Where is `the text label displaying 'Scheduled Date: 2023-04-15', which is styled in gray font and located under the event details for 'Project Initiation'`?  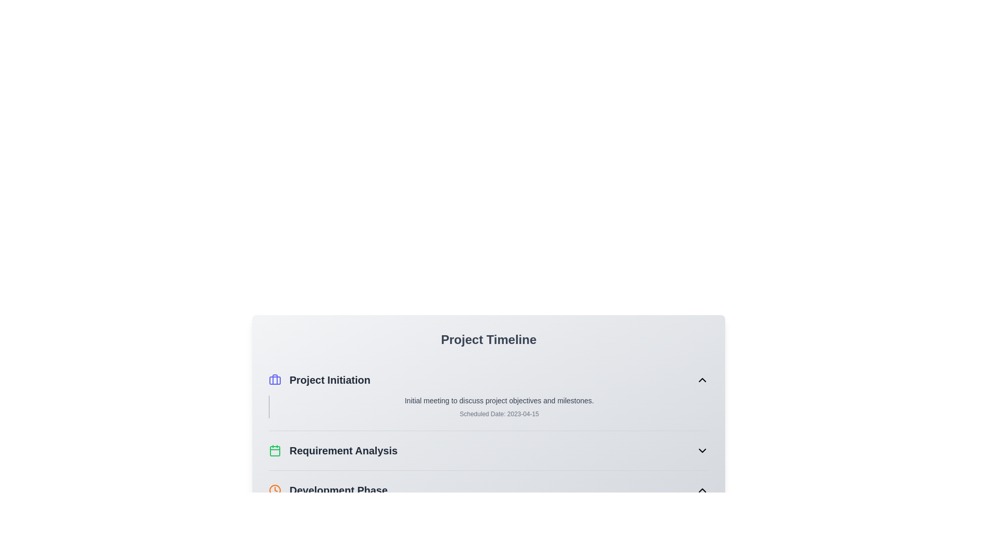 the text label displaying 'Scheduled Date: 2023-04-15', which is styled in gray font and located under the event details for 'Project Initiation' is located at coordinates (499, 413).